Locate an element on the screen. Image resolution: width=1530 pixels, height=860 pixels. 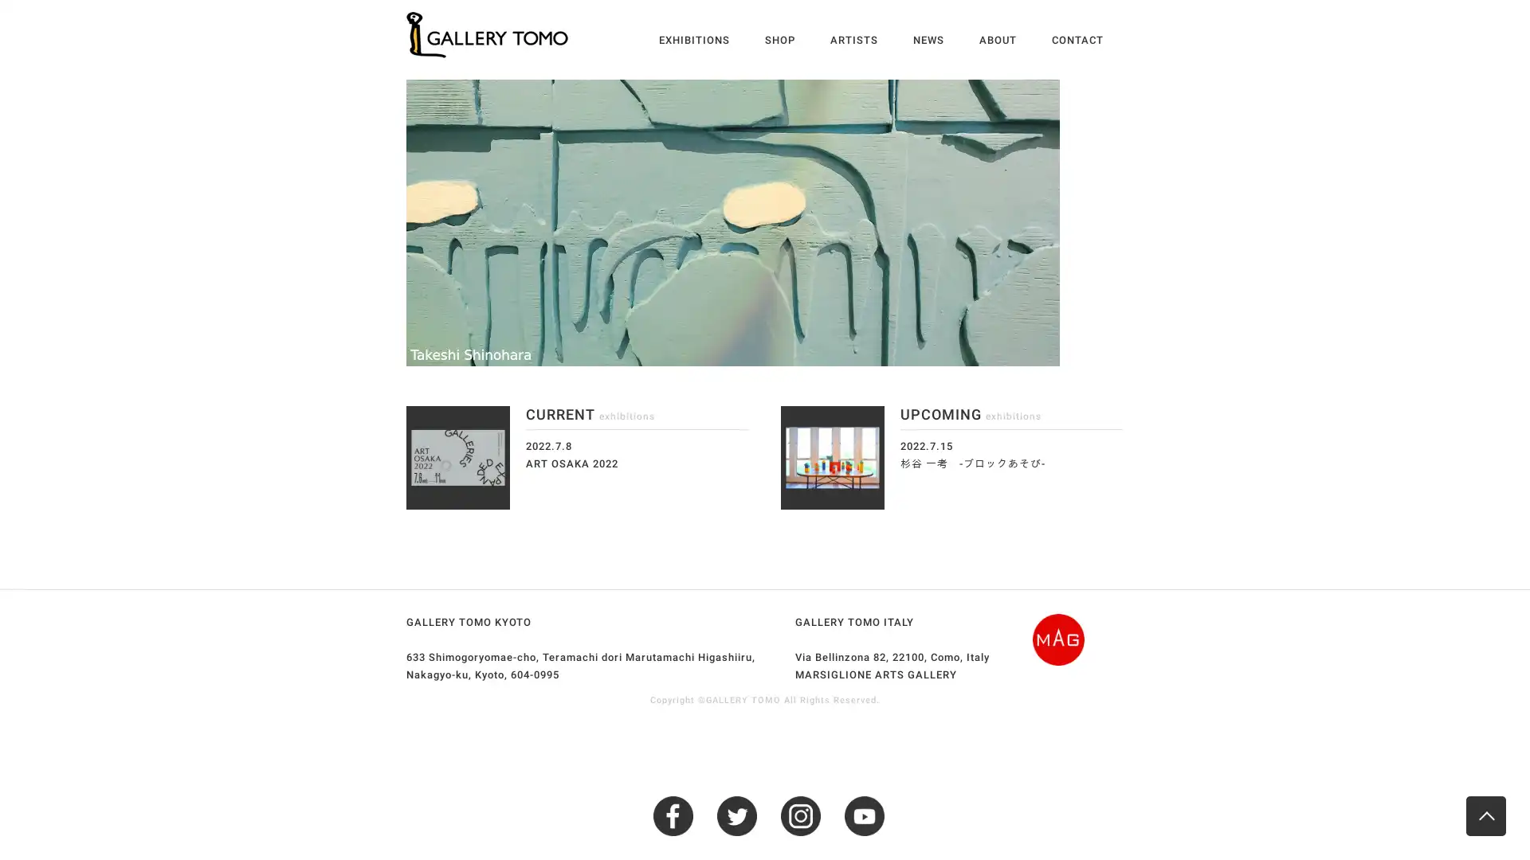
Next is located at coordinates (1135, 223).